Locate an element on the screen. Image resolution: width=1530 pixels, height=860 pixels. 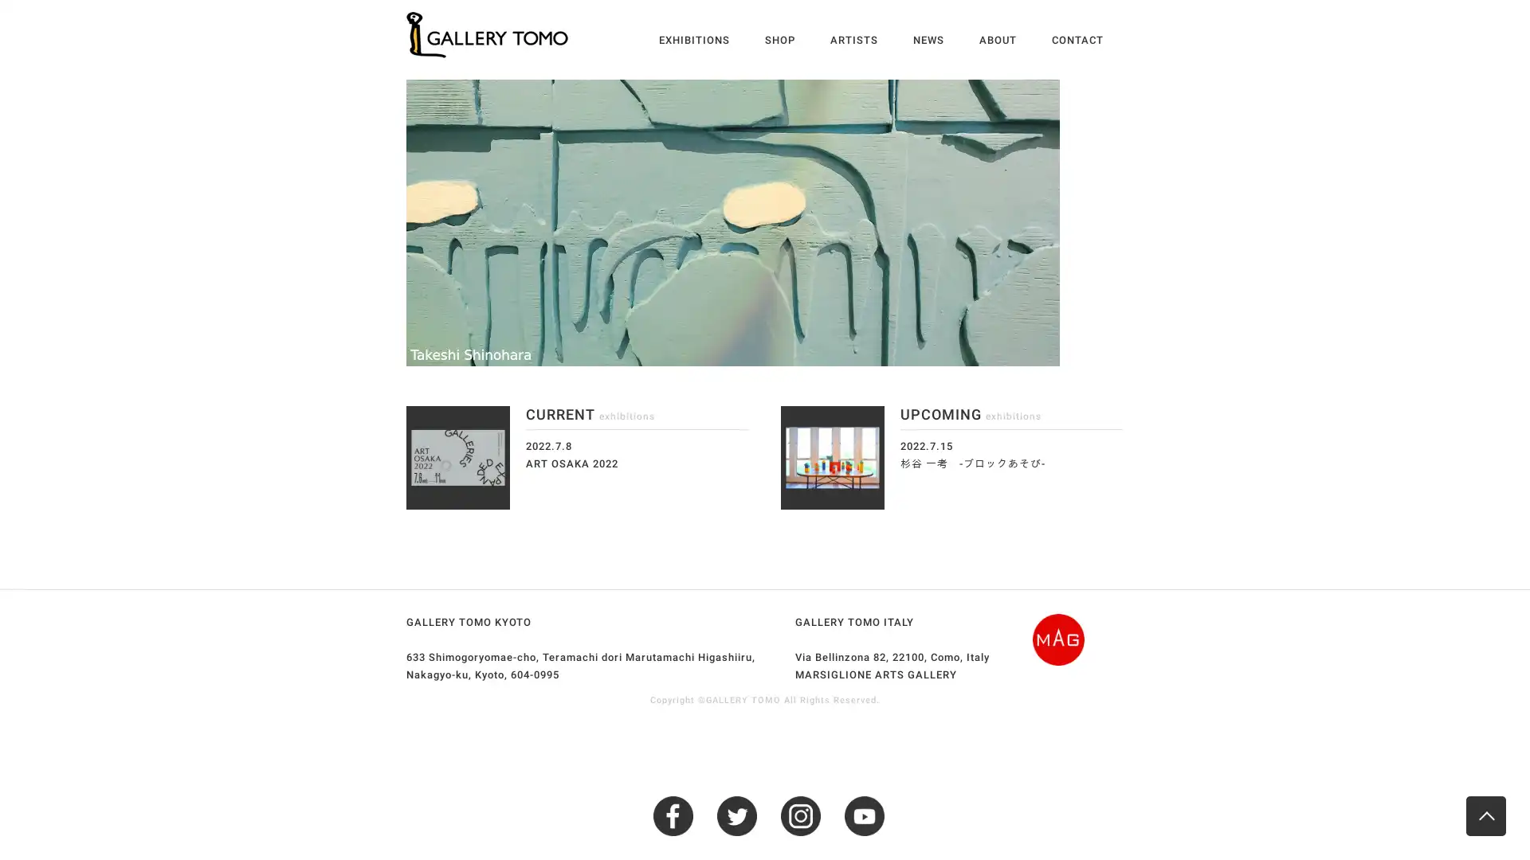
Next is located at coordinates (1135, 223).